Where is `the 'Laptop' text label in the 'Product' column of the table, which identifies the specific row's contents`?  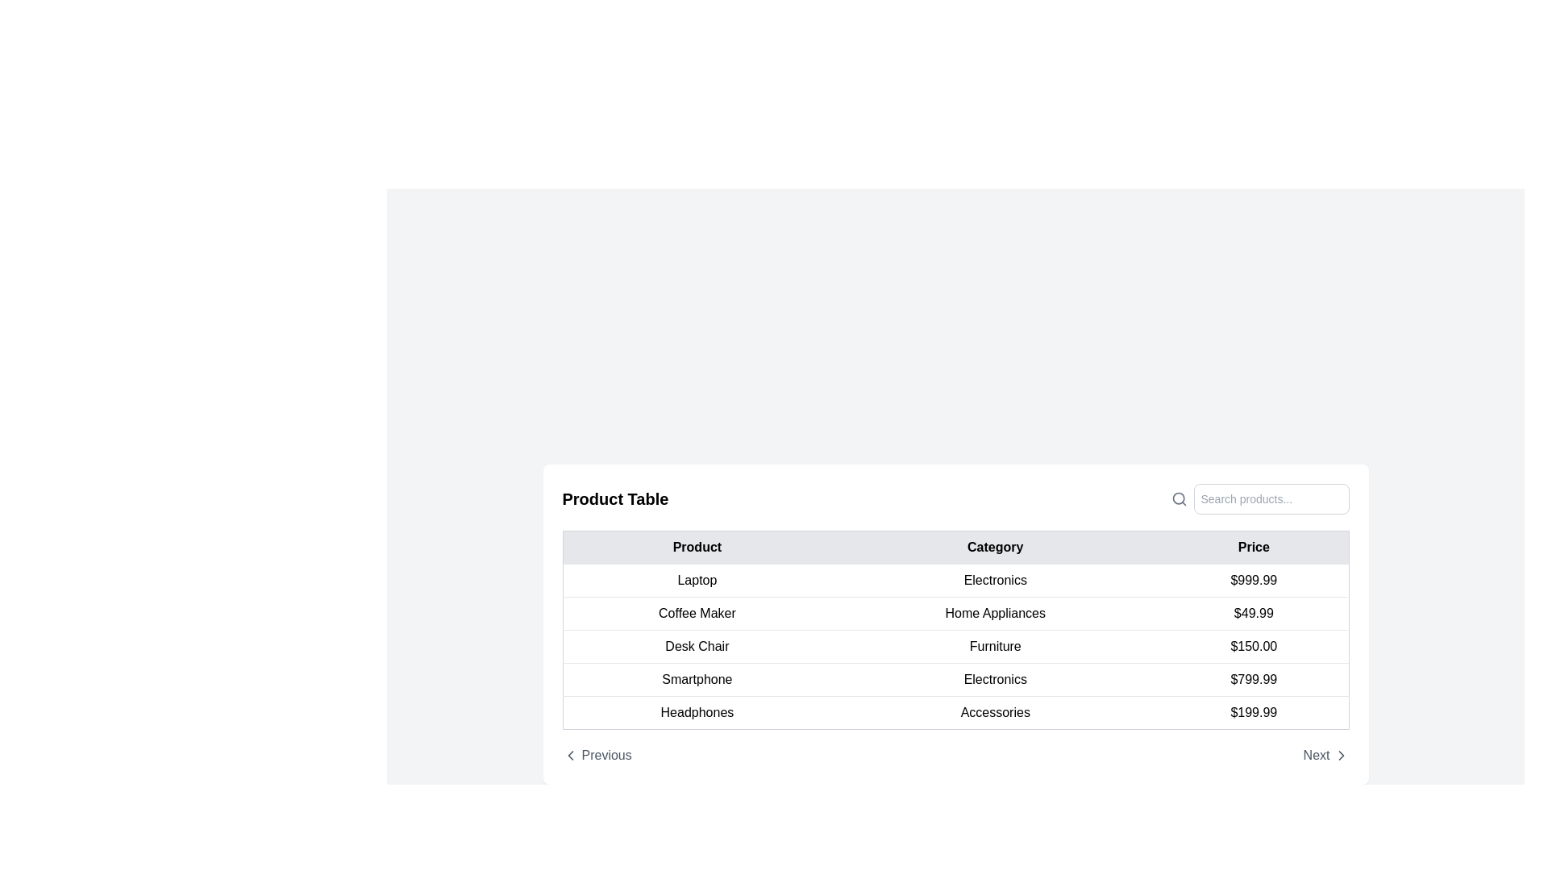 the 'Laptop' text label in the 'Product' column of the table, which identifies the specific row's contents is located at coordinates (697, 579).